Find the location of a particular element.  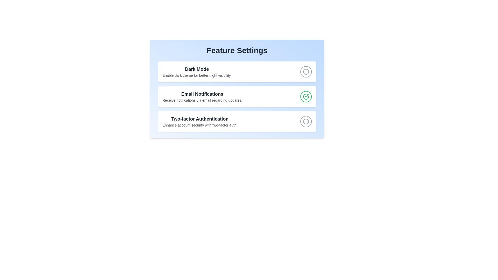

the 'Email Notifications' setting panel card, which is the middle section in the list under 'Feature Settings' and has a green circular icon on its right side, to trigger the hover effect is located at coordinates (237, 97).